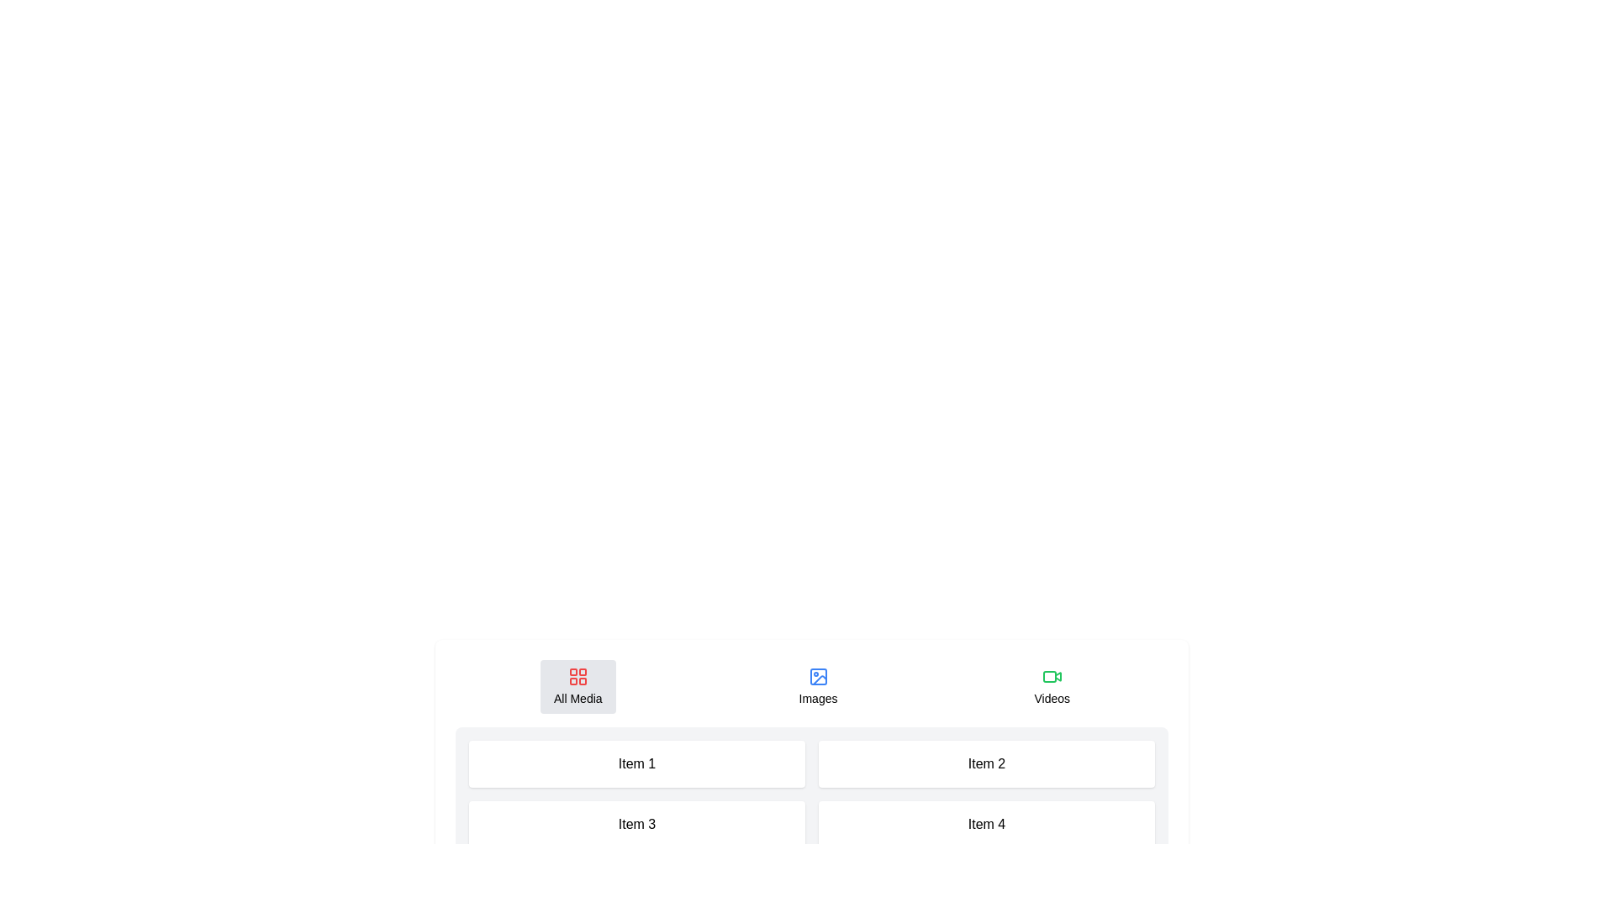 The image size is (1614, 907). Describe the element at coordinates (578, 686) in the screenshot. I see `the 'All Media' tab to view all items` at that location.